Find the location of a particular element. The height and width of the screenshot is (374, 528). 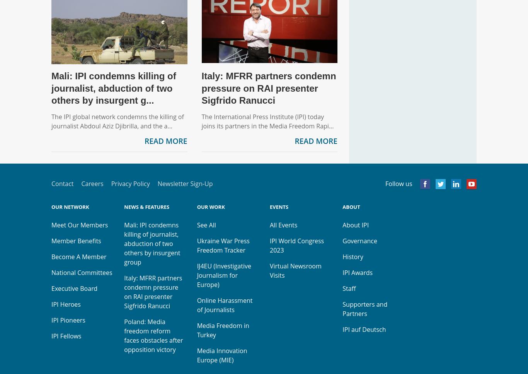

'Member Benefits' is located at coordinates (51, 241).